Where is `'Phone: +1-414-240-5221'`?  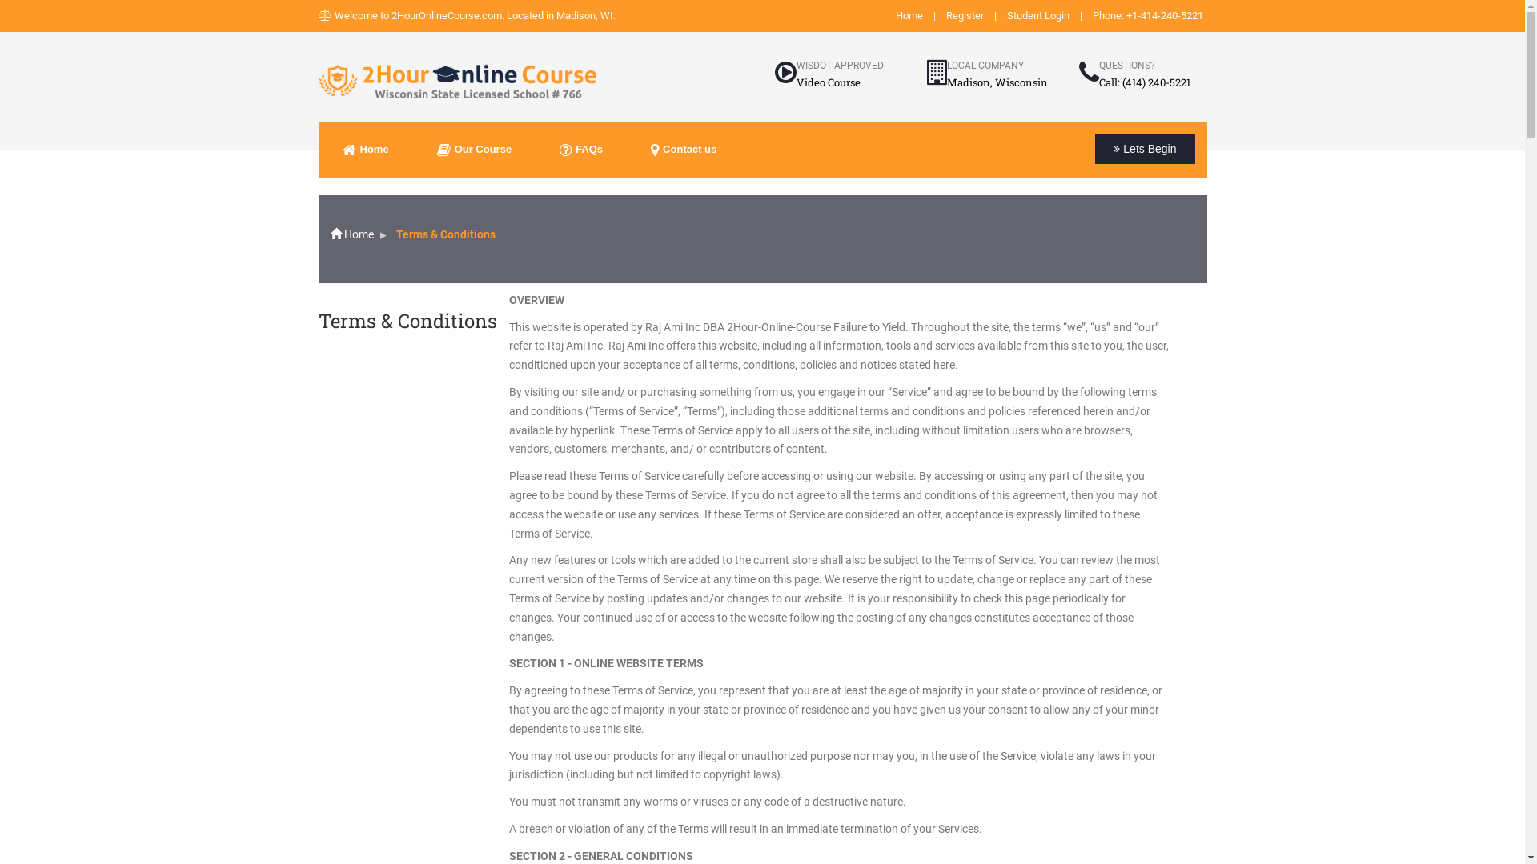 'Phone: +1-414-240-5221' is located at coordinates (1146, 15).